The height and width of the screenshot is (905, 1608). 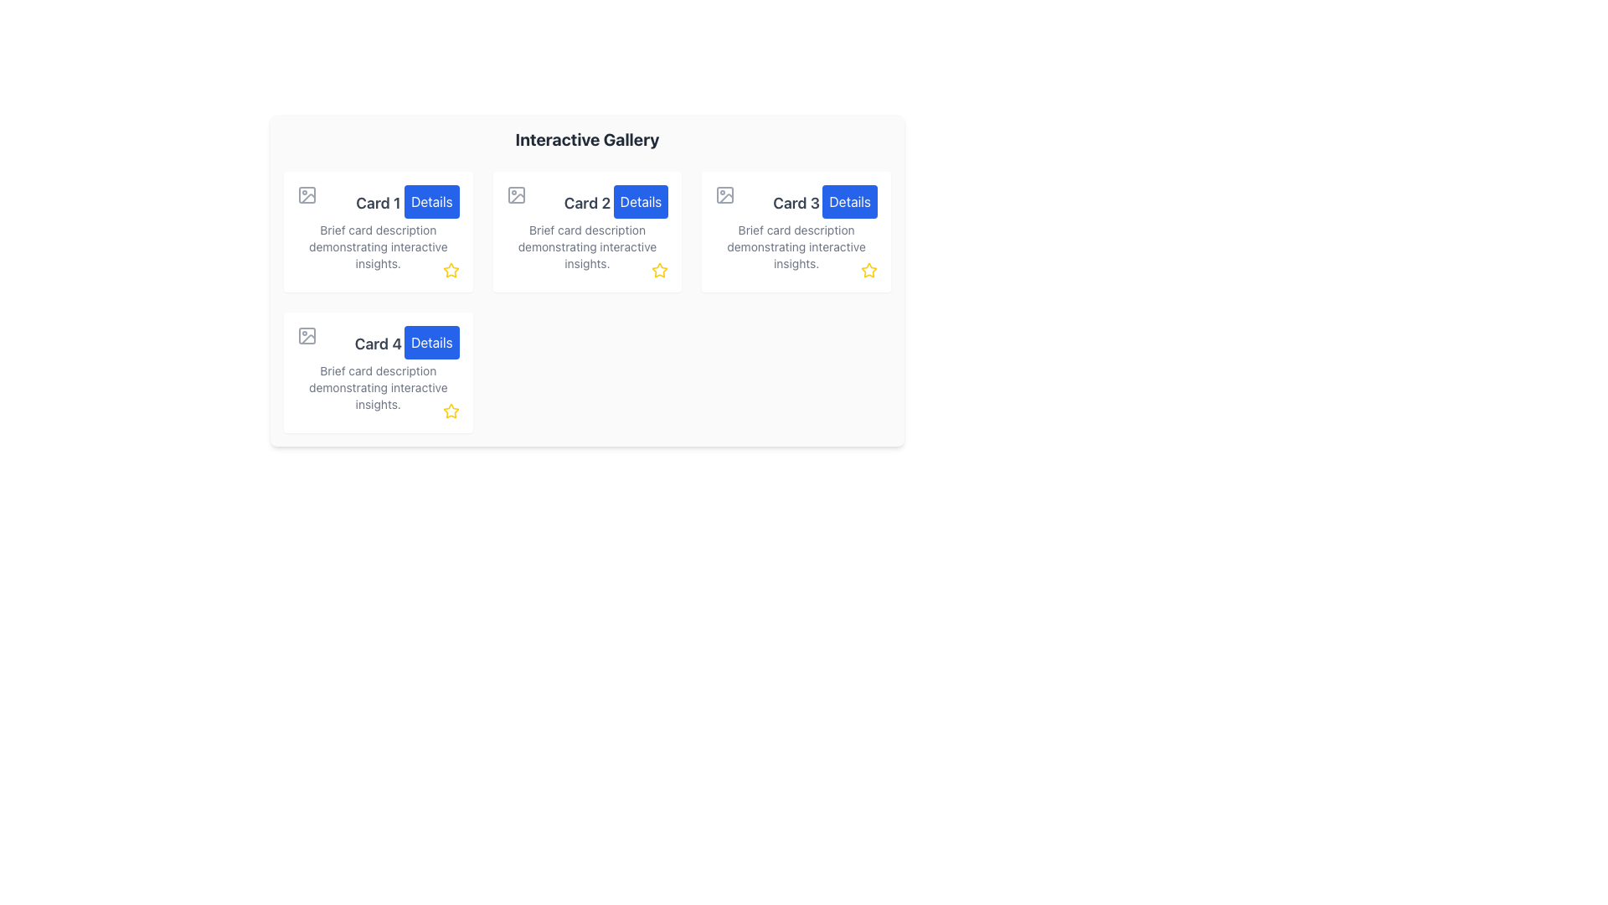 I want to click on the text label displaying 'Card 4', which is located in the upper section of the leftmost card in the second row of sibling cards, so click(x=377, y=344).